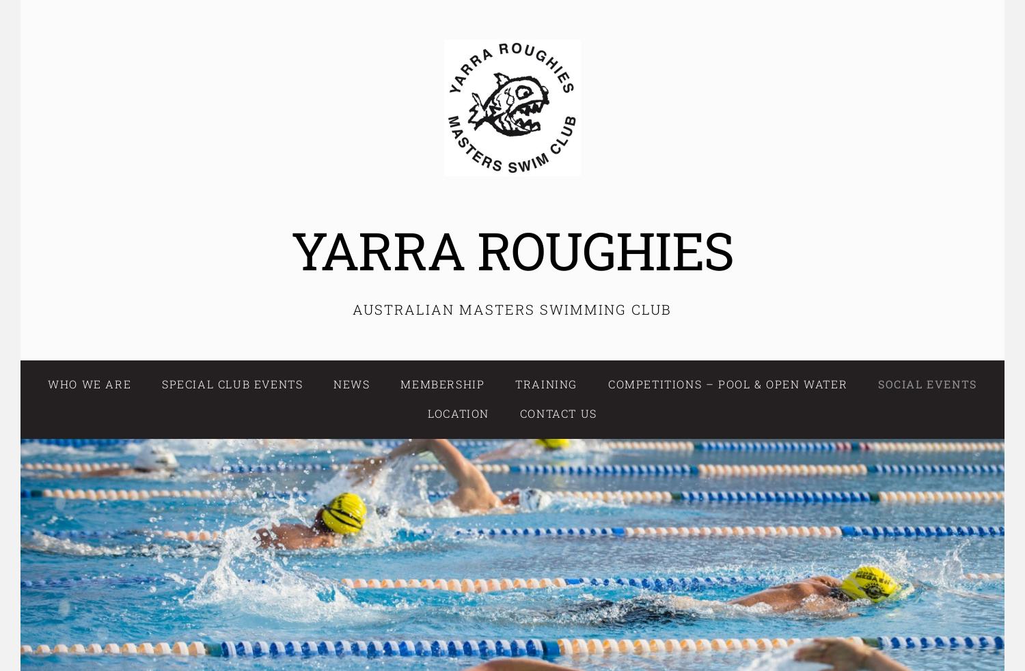  Describe the element at coordinates (726, 384) in the screenshot. I see `'Competitions – Pool & Open Water'` at that location.